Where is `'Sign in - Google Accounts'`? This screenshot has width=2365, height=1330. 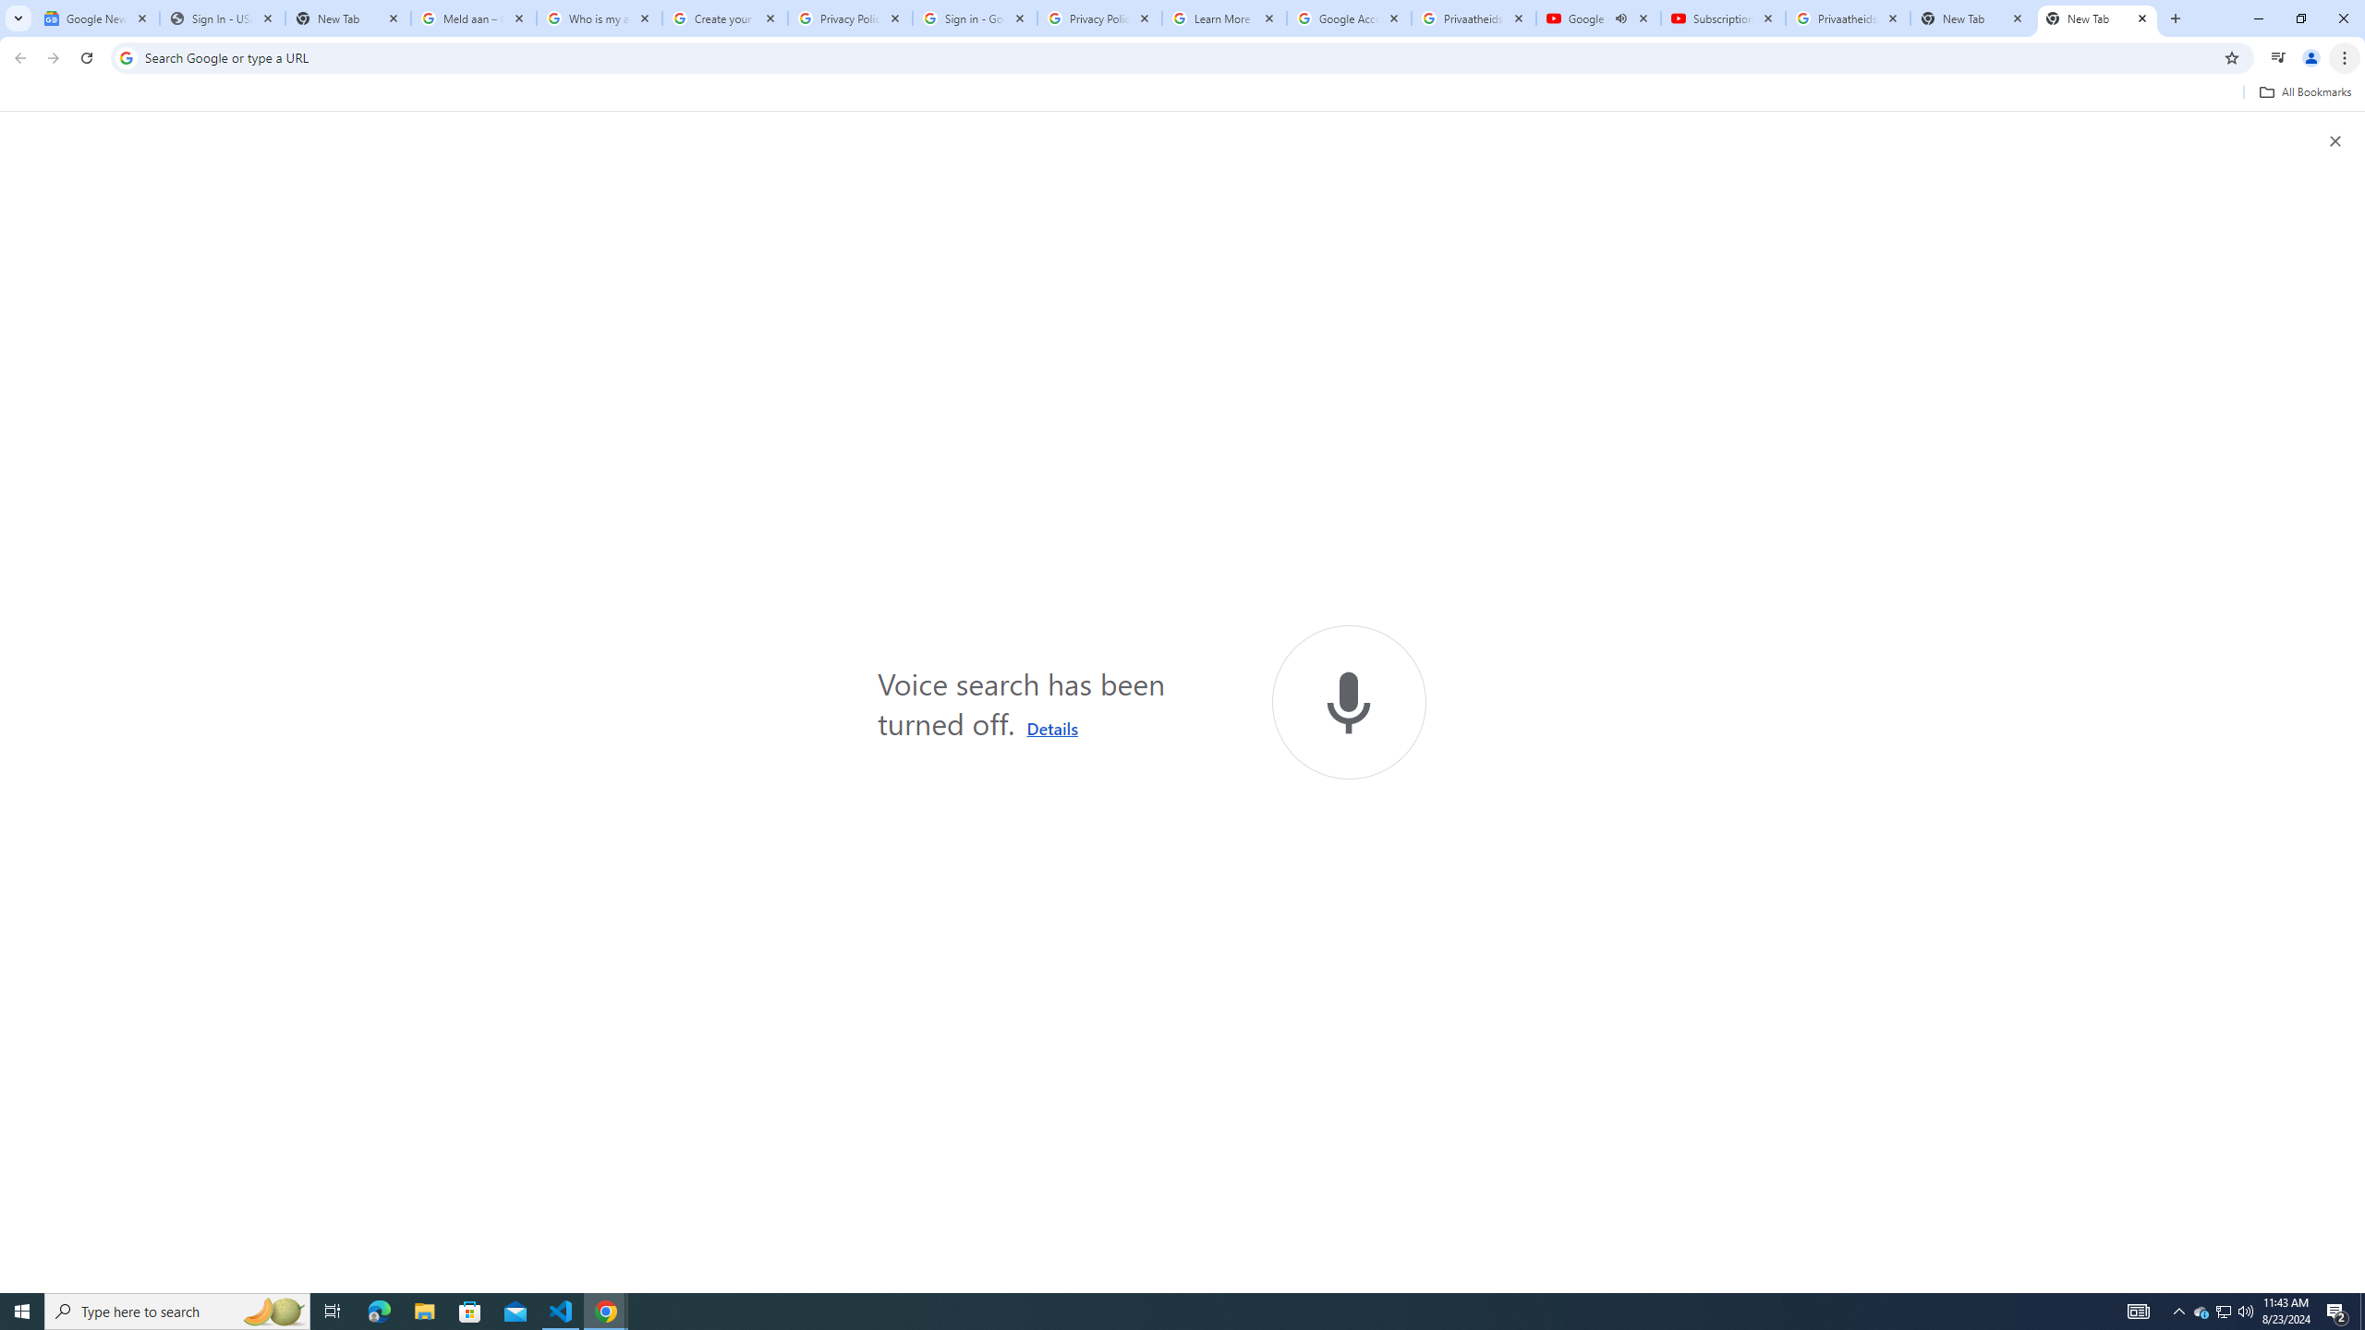
'Sign in - Google Accounts' is located at coordinates (973, 18).